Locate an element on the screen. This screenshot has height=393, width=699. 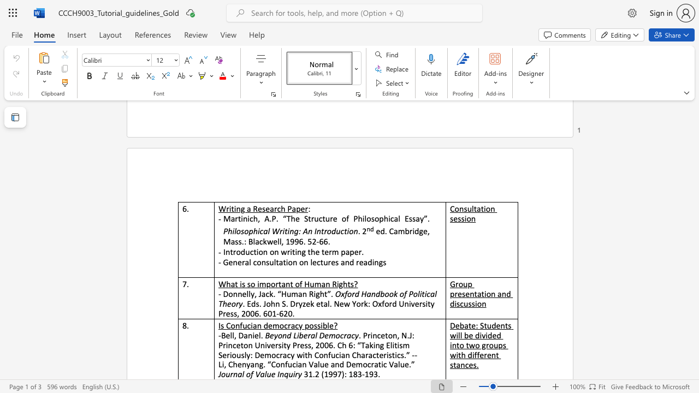
the subset text "alue I" within the text "Journal of Value Inquiry" is located at coordinates (259, 373).